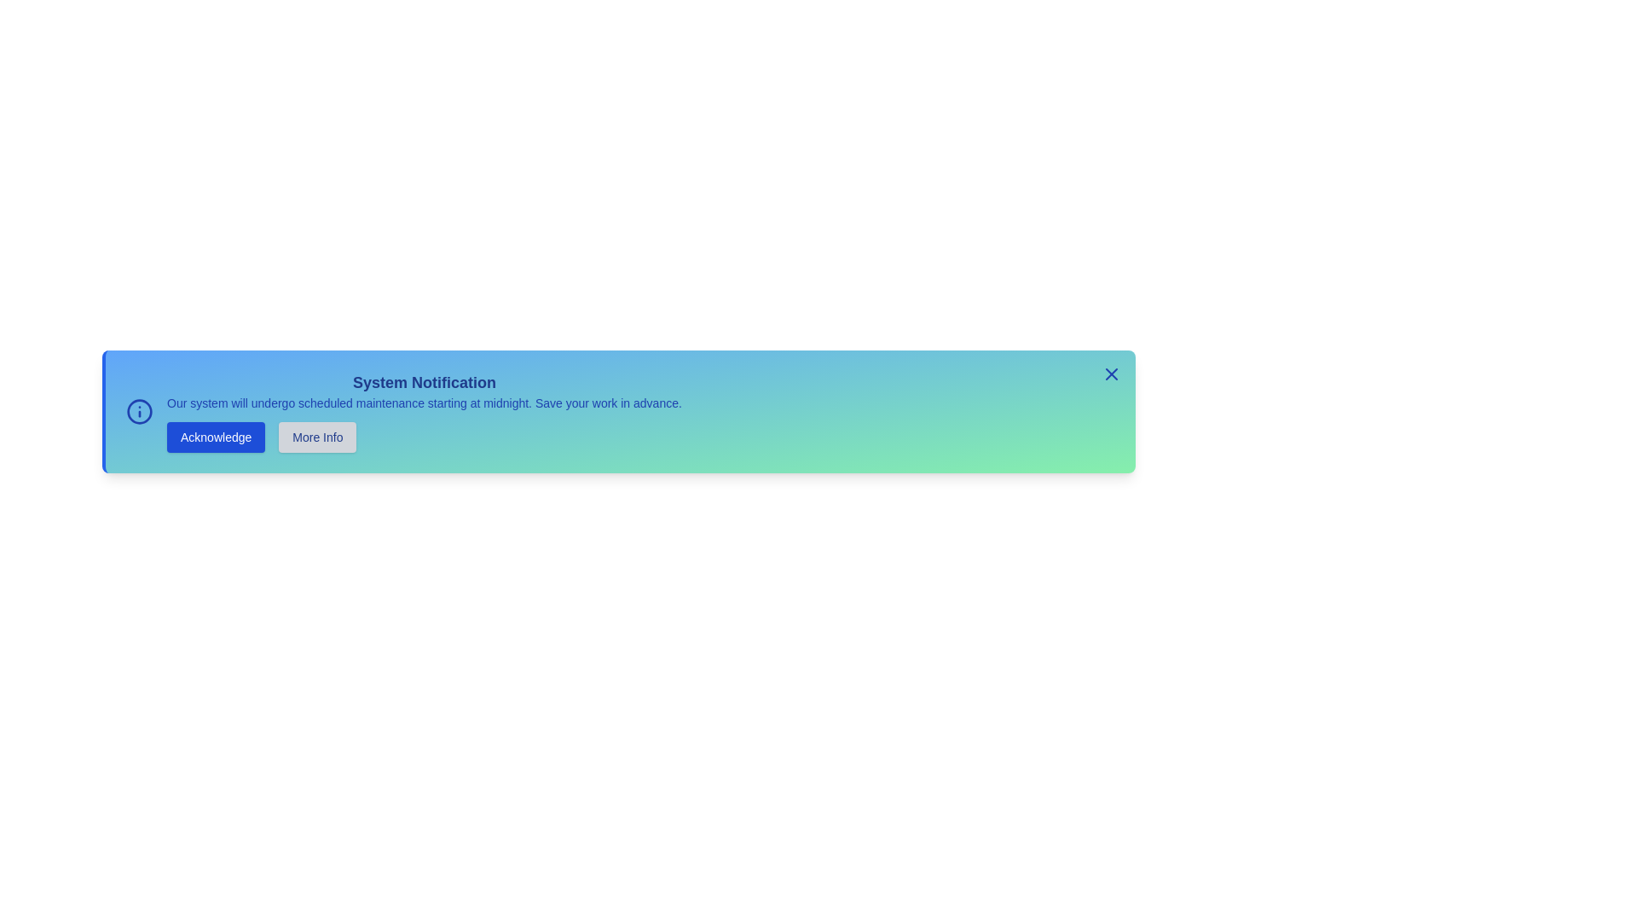  I want to click on the close button to dismiss the notification, so click(1112, 374).